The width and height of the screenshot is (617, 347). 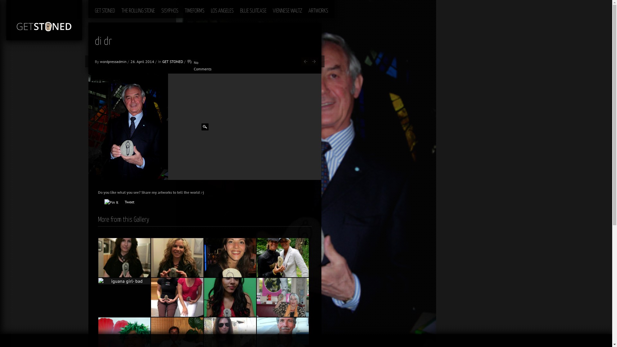 What do you see at coordinates (222, 9) in the screenshot?
I see `'LOS ANGELES'` at bounding box center [222, 9].